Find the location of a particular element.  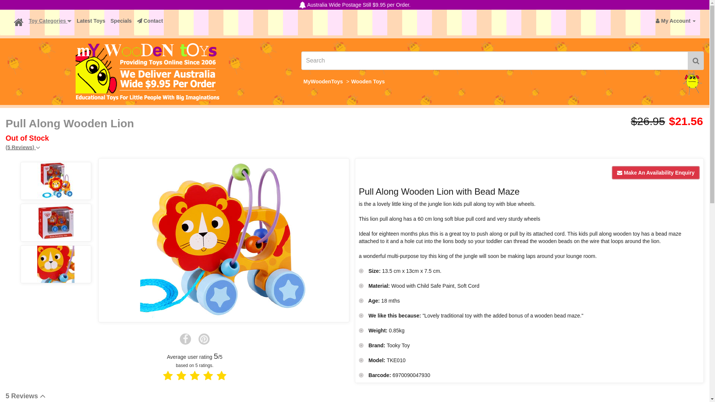

'MyWoodenToys' is located at coordinates (304, 82).